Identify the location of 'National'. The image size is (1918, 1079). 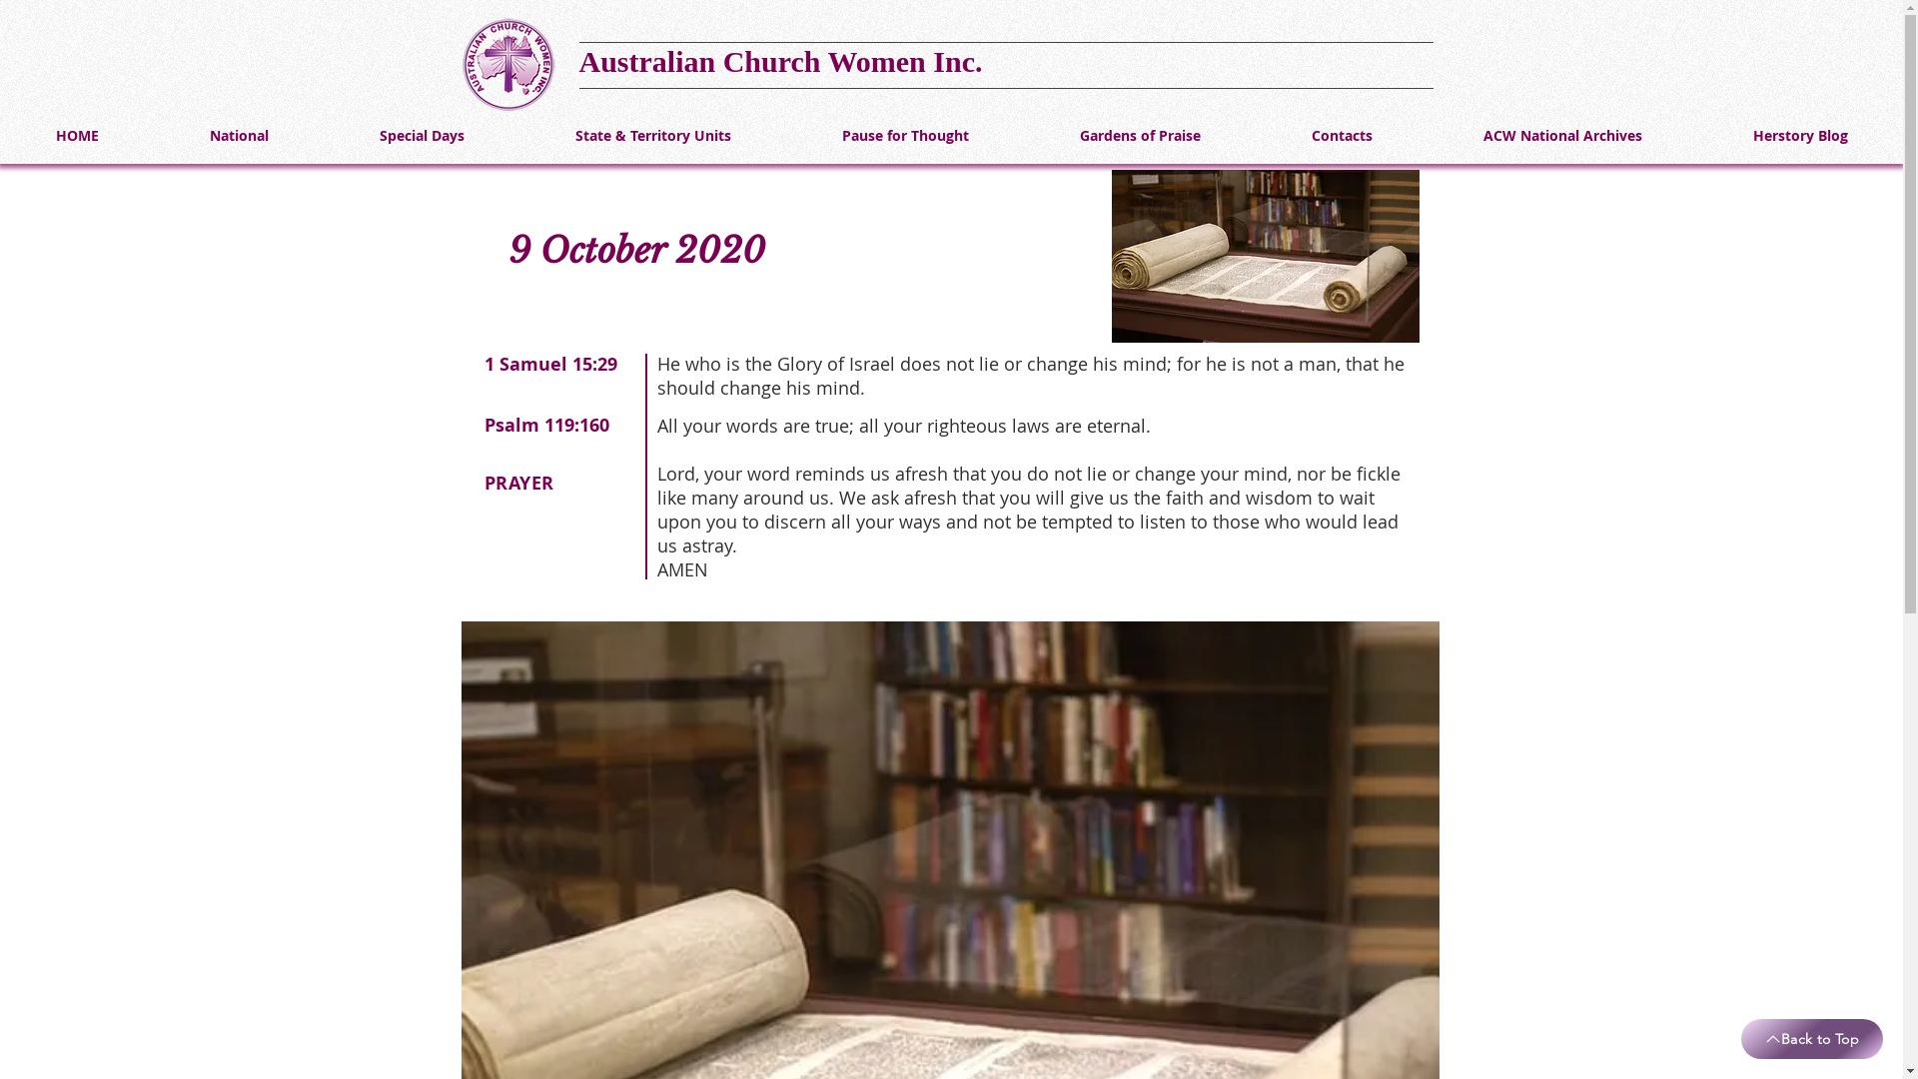
(239, 135).